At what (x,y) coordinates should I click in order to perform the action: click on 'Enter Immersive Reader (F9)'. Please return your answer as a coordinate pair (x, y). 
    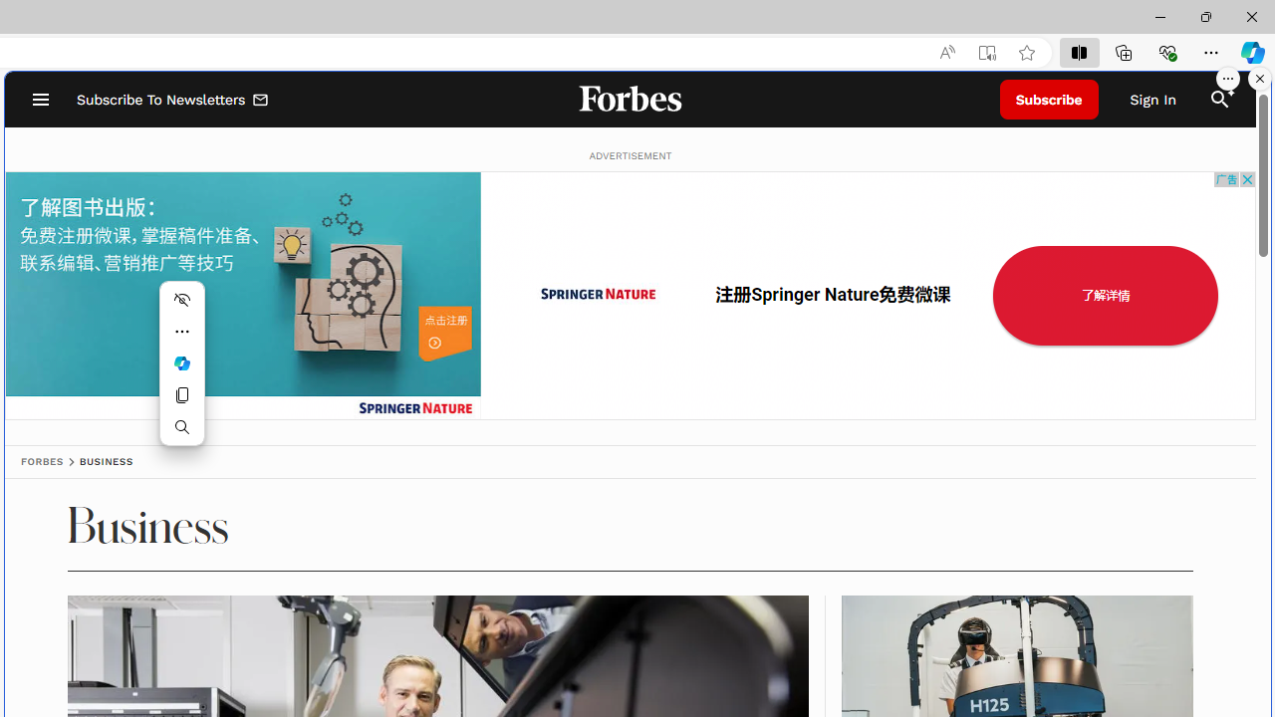
    Looking at the image, I should click on (987, 52).